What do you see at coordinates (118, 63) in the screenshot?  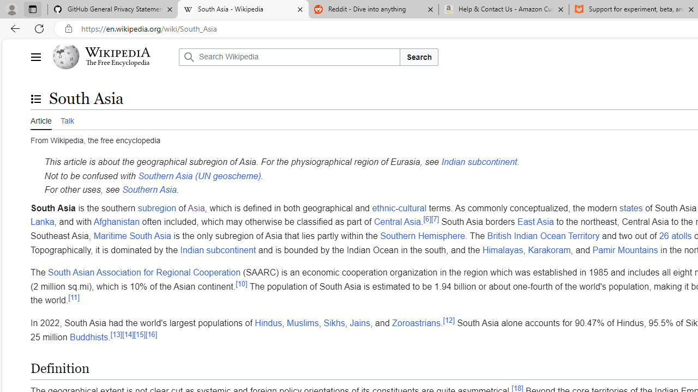 I see `'The Free Encyclopedia'` at bounding box center [118, 63].